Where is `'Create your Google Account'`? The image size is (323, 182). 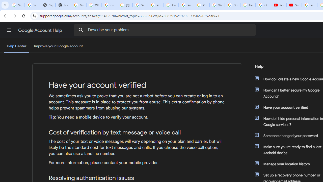
'Create your Google Account' is located at coordinates (171, 5).